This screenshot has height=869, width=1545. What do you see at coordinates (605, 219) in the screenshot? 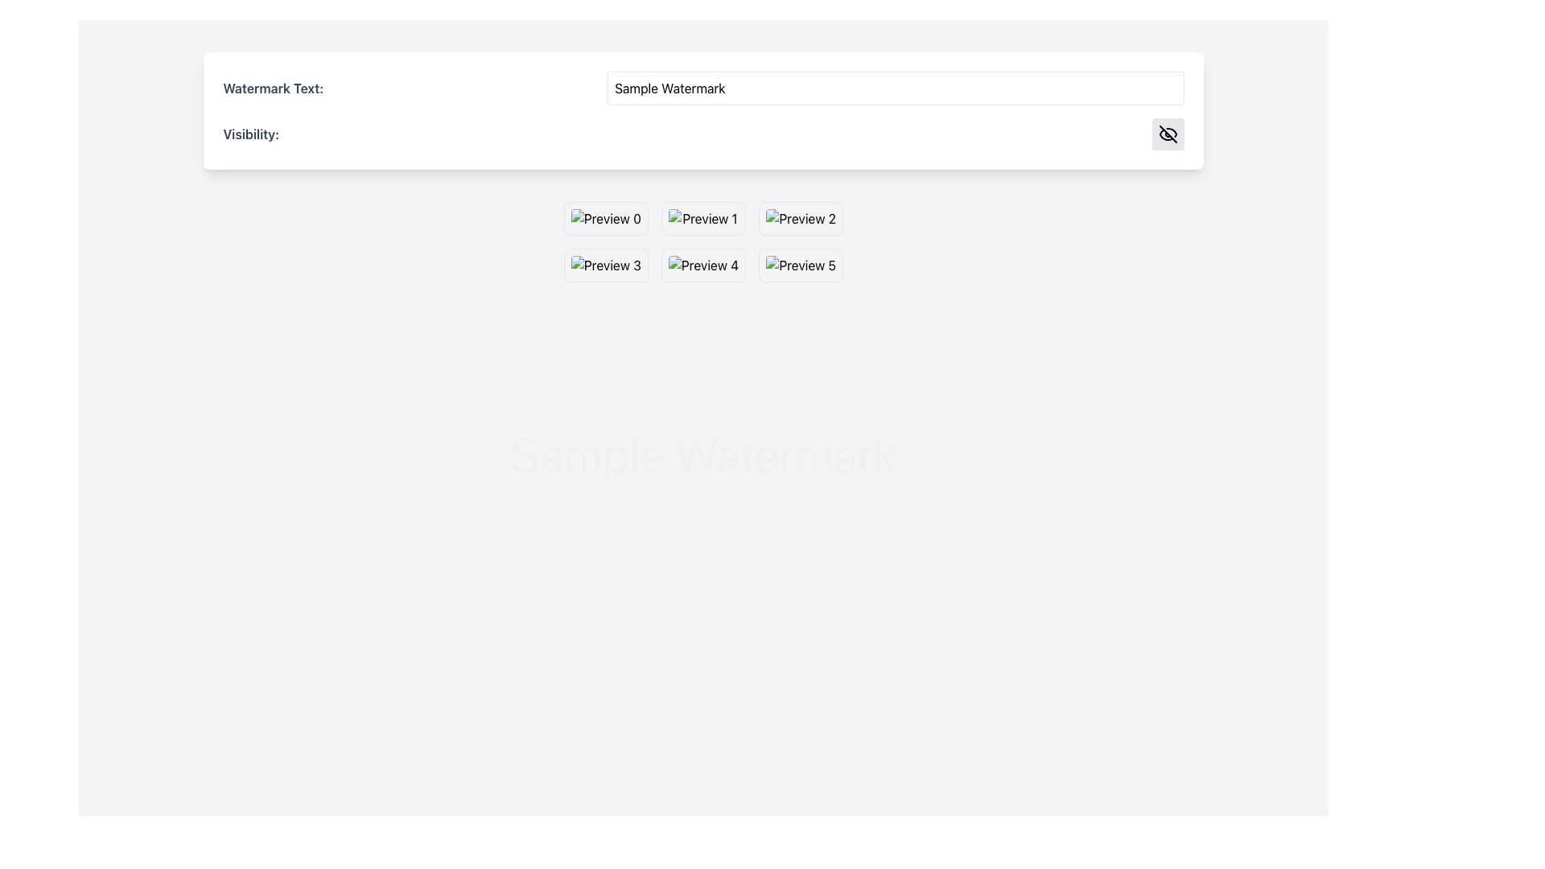
I see `the image element representing a missing or example image, located in the first cell of the grid layout of preview items` at bounding box center [605, 219].